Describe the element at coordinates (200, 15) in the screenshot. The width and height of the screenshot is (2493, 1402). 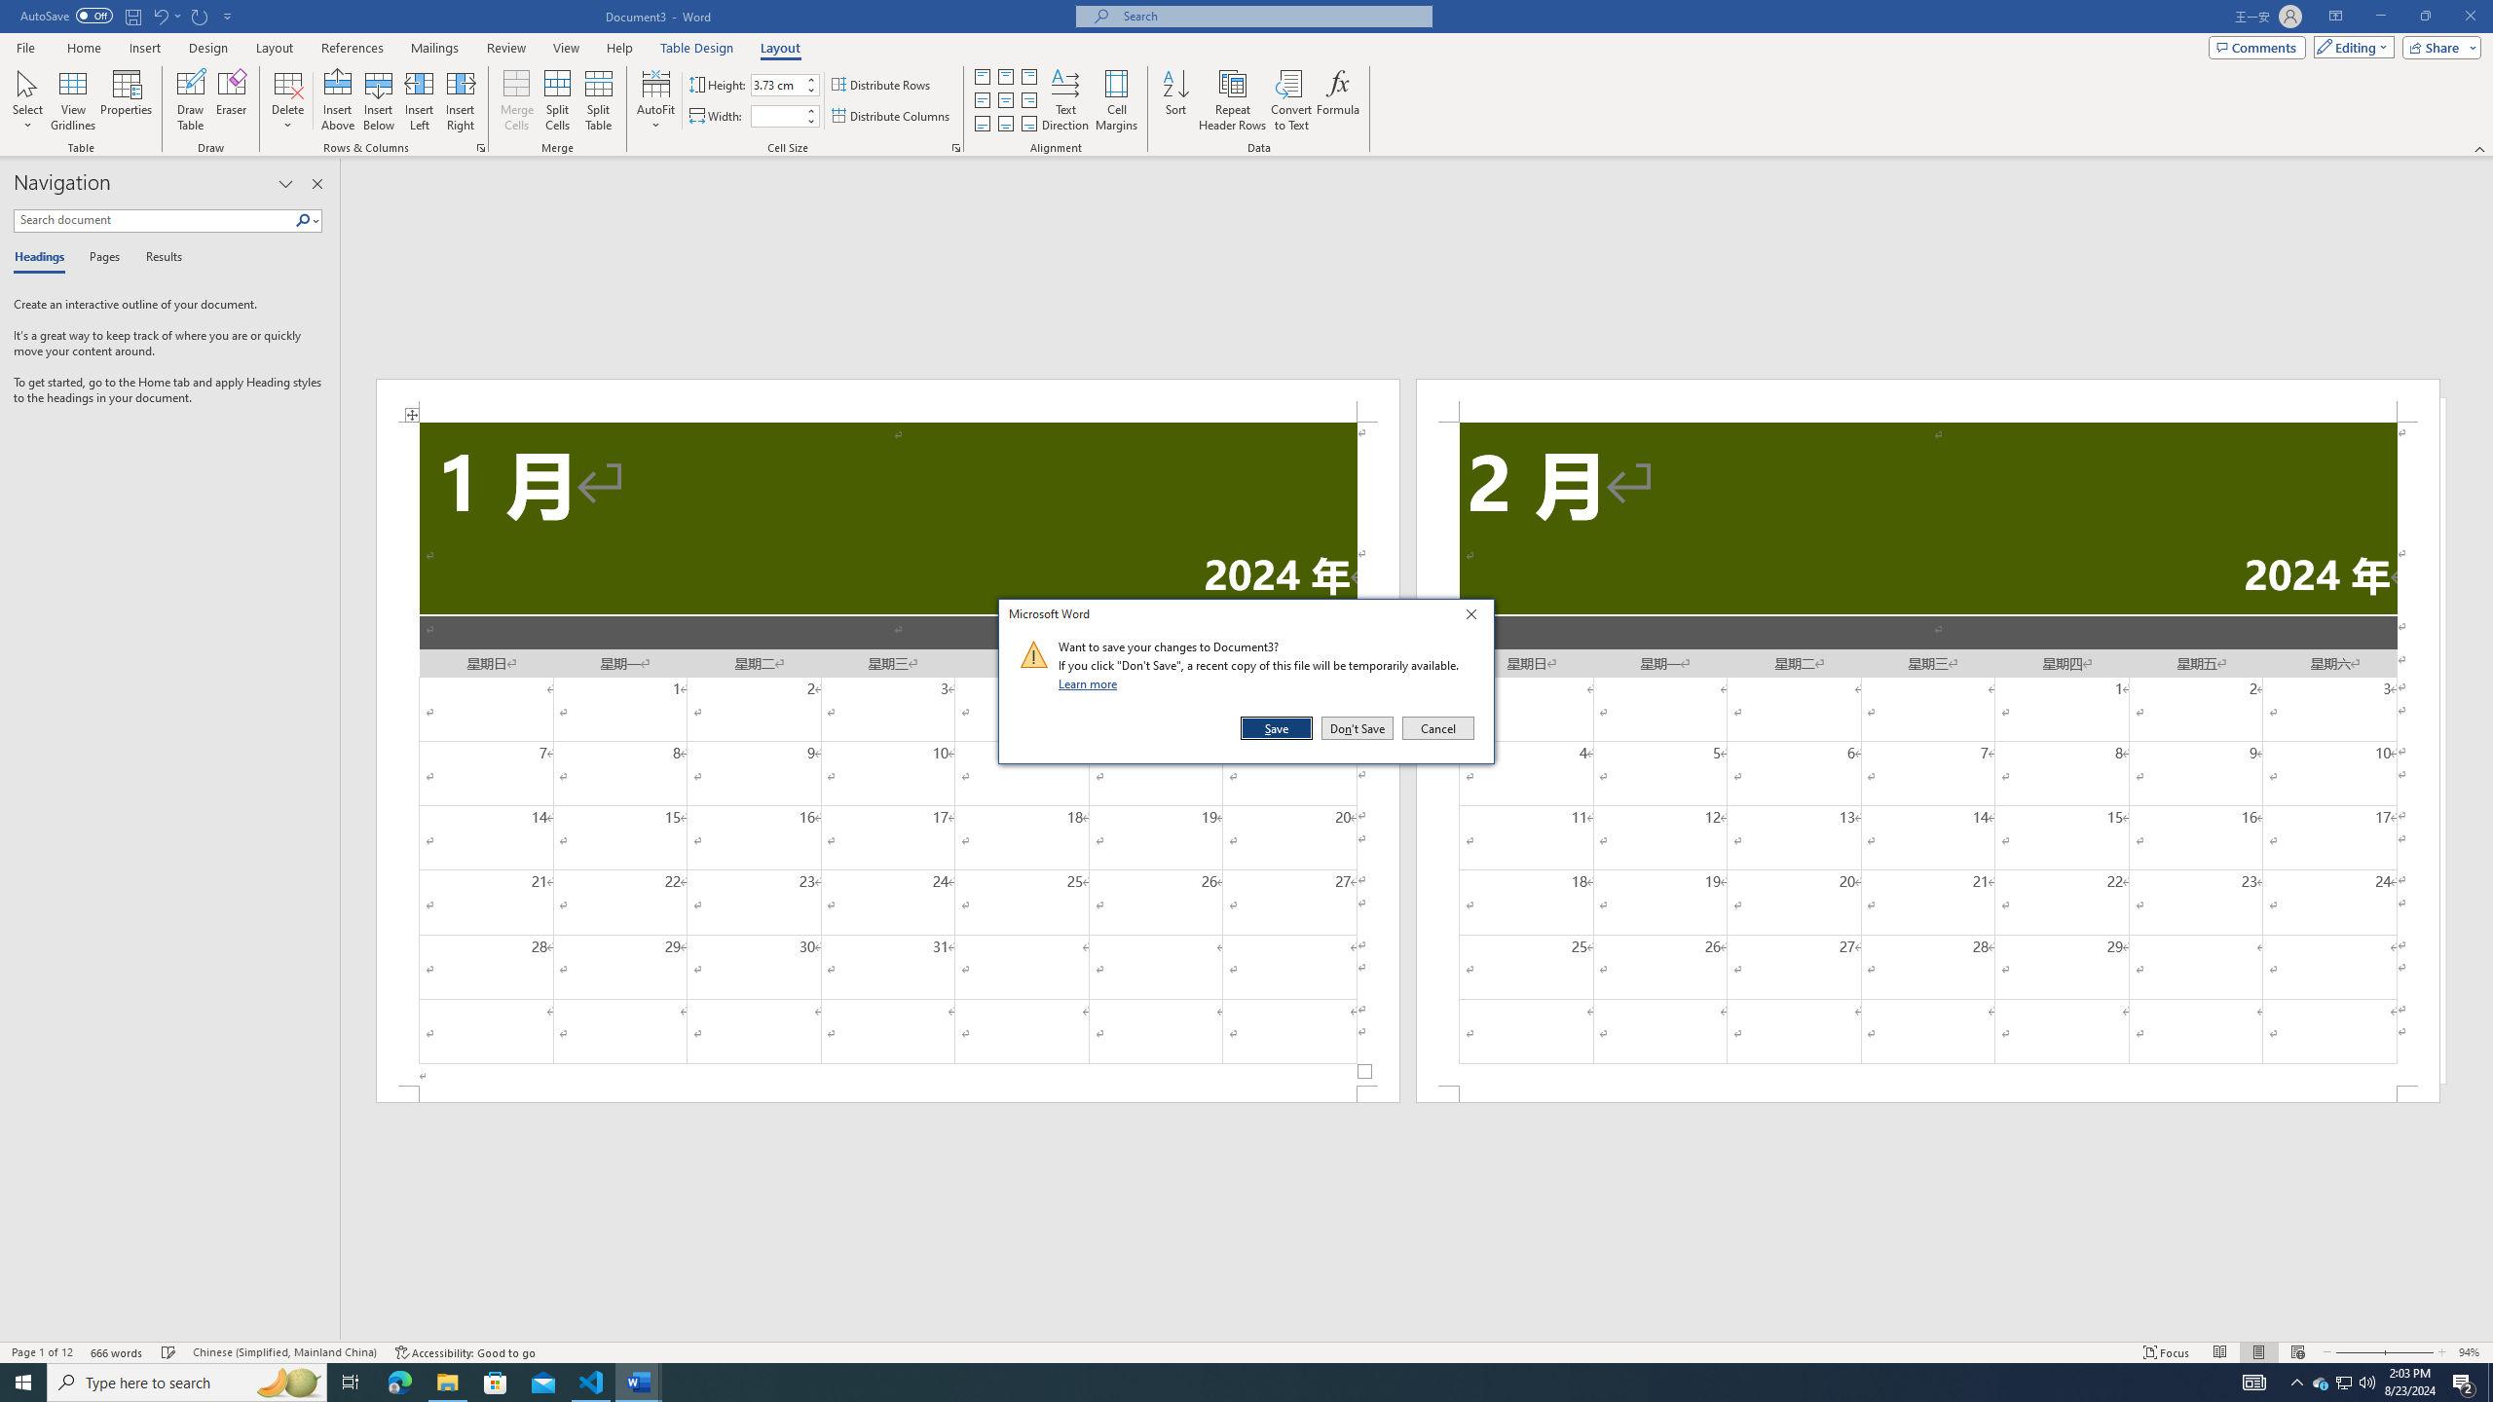
I see `'Repeat Doc Close'` at that location.